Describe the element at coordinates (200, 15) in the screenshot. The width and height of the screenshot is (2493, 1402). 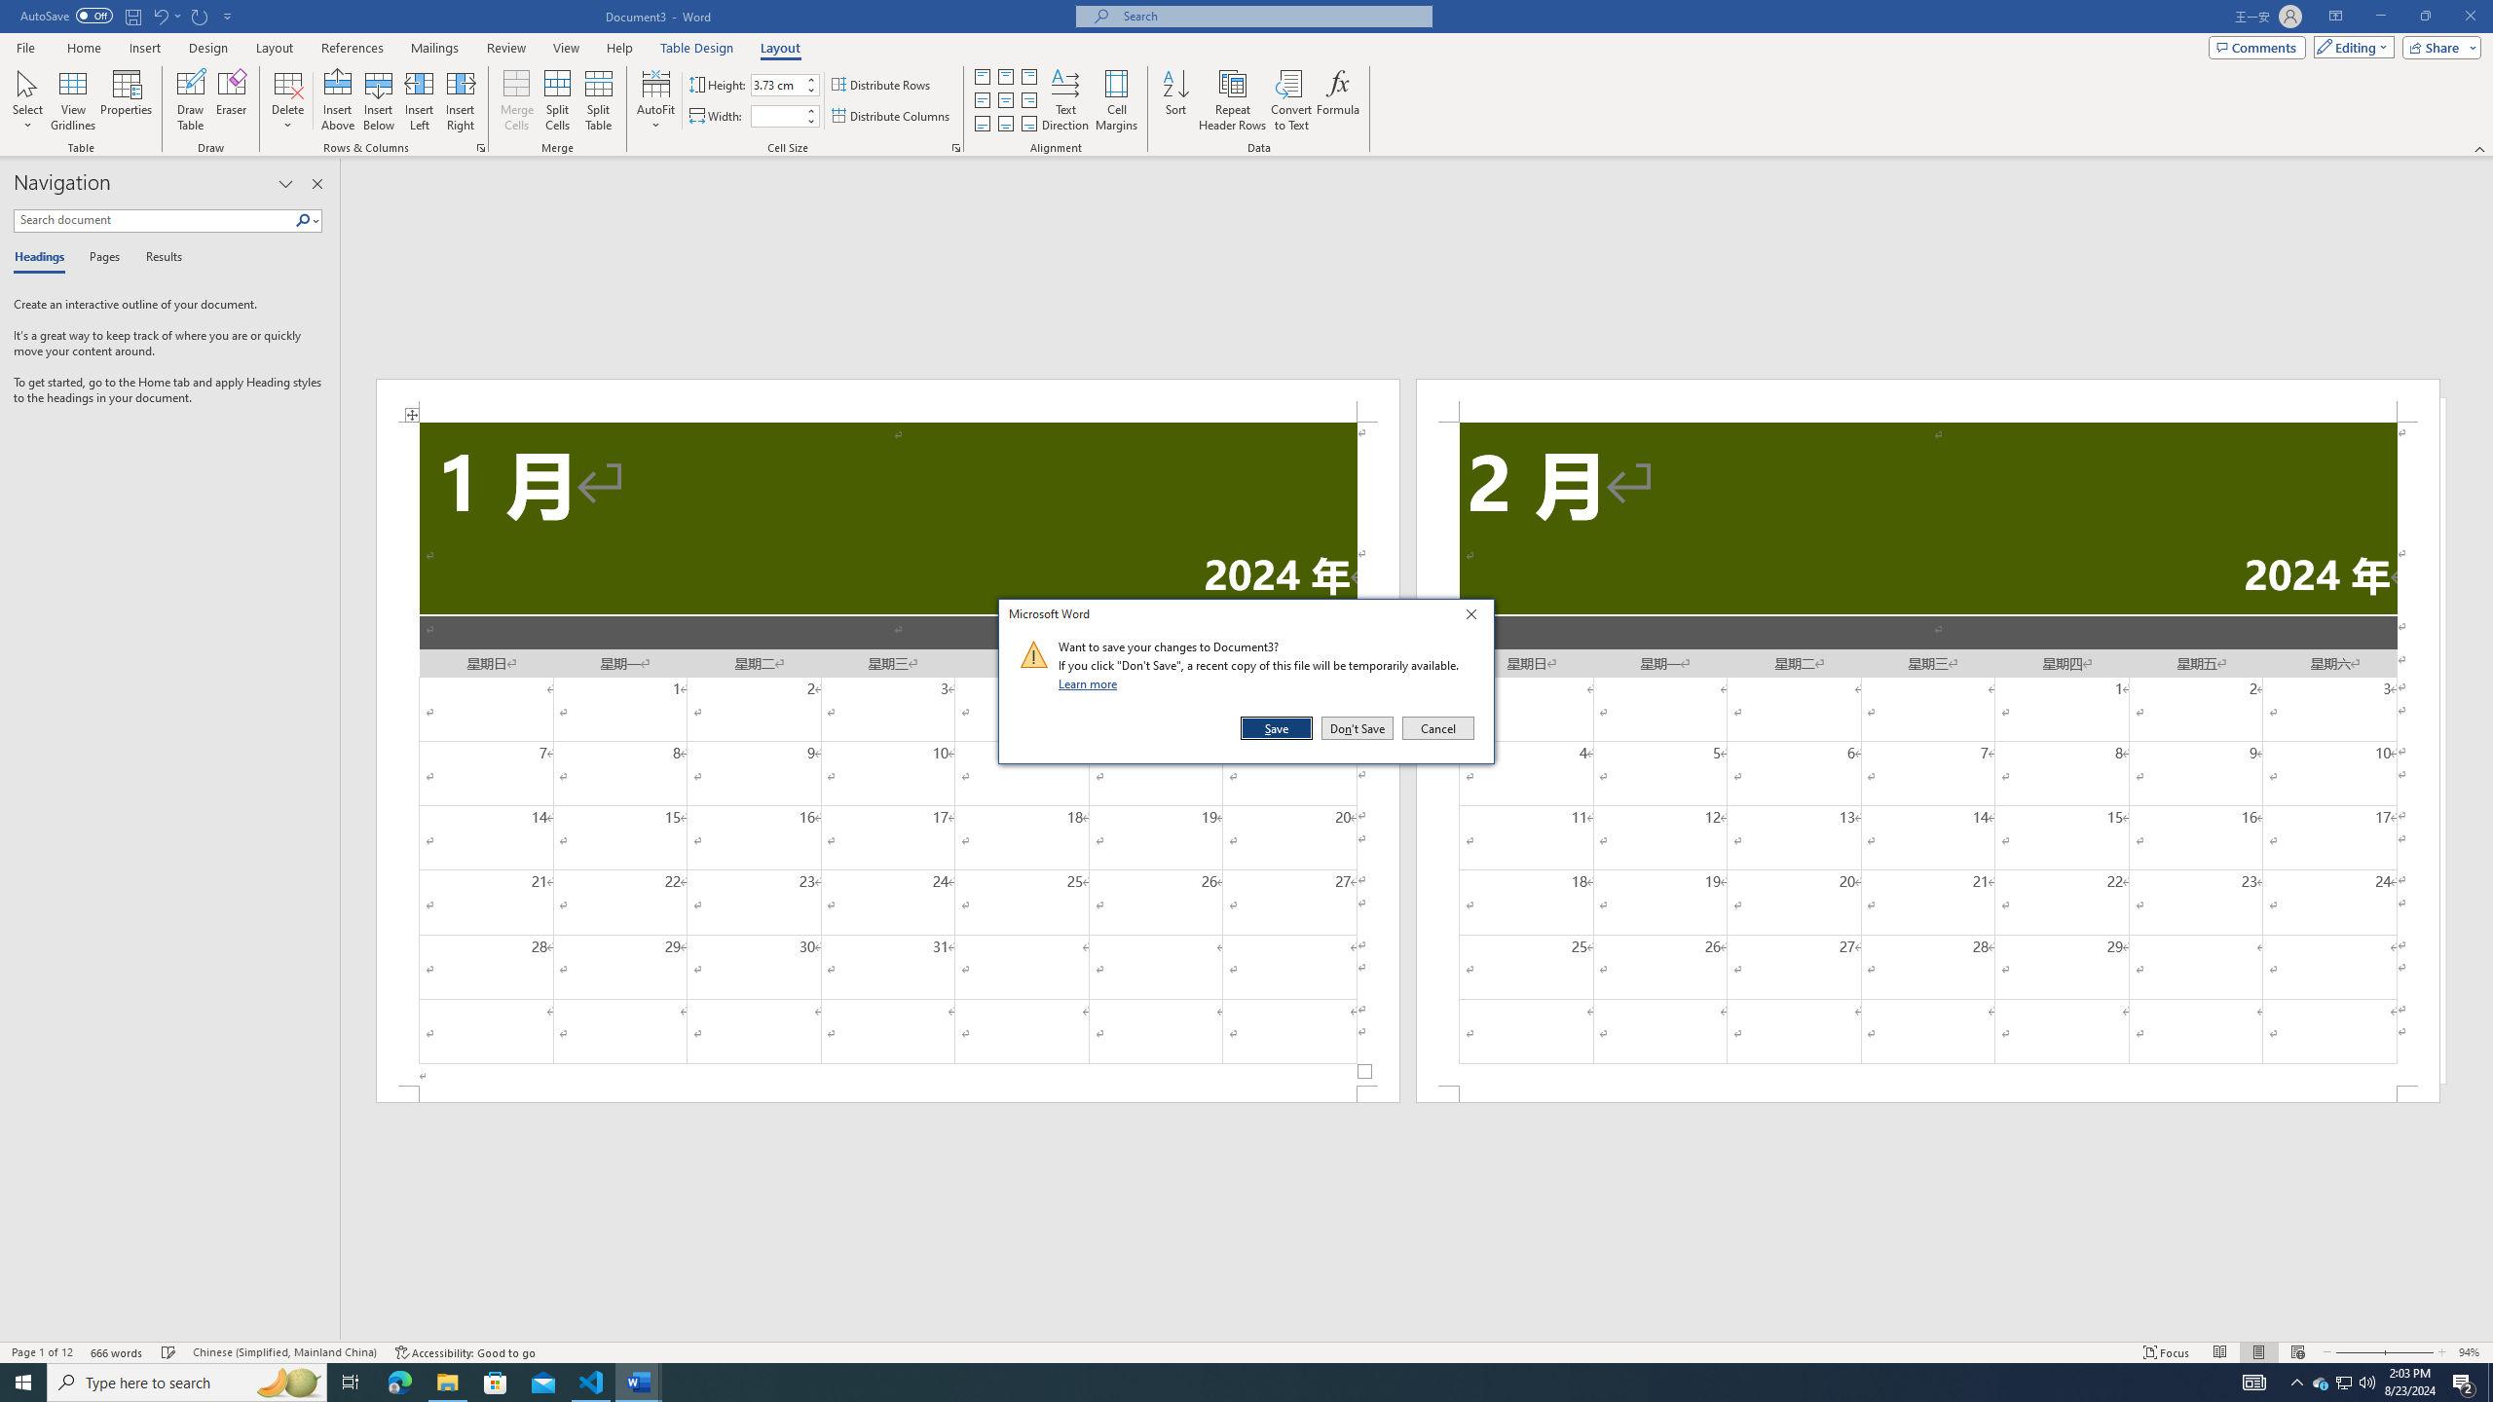
I see `'Repeat Doc Close'` at that location.